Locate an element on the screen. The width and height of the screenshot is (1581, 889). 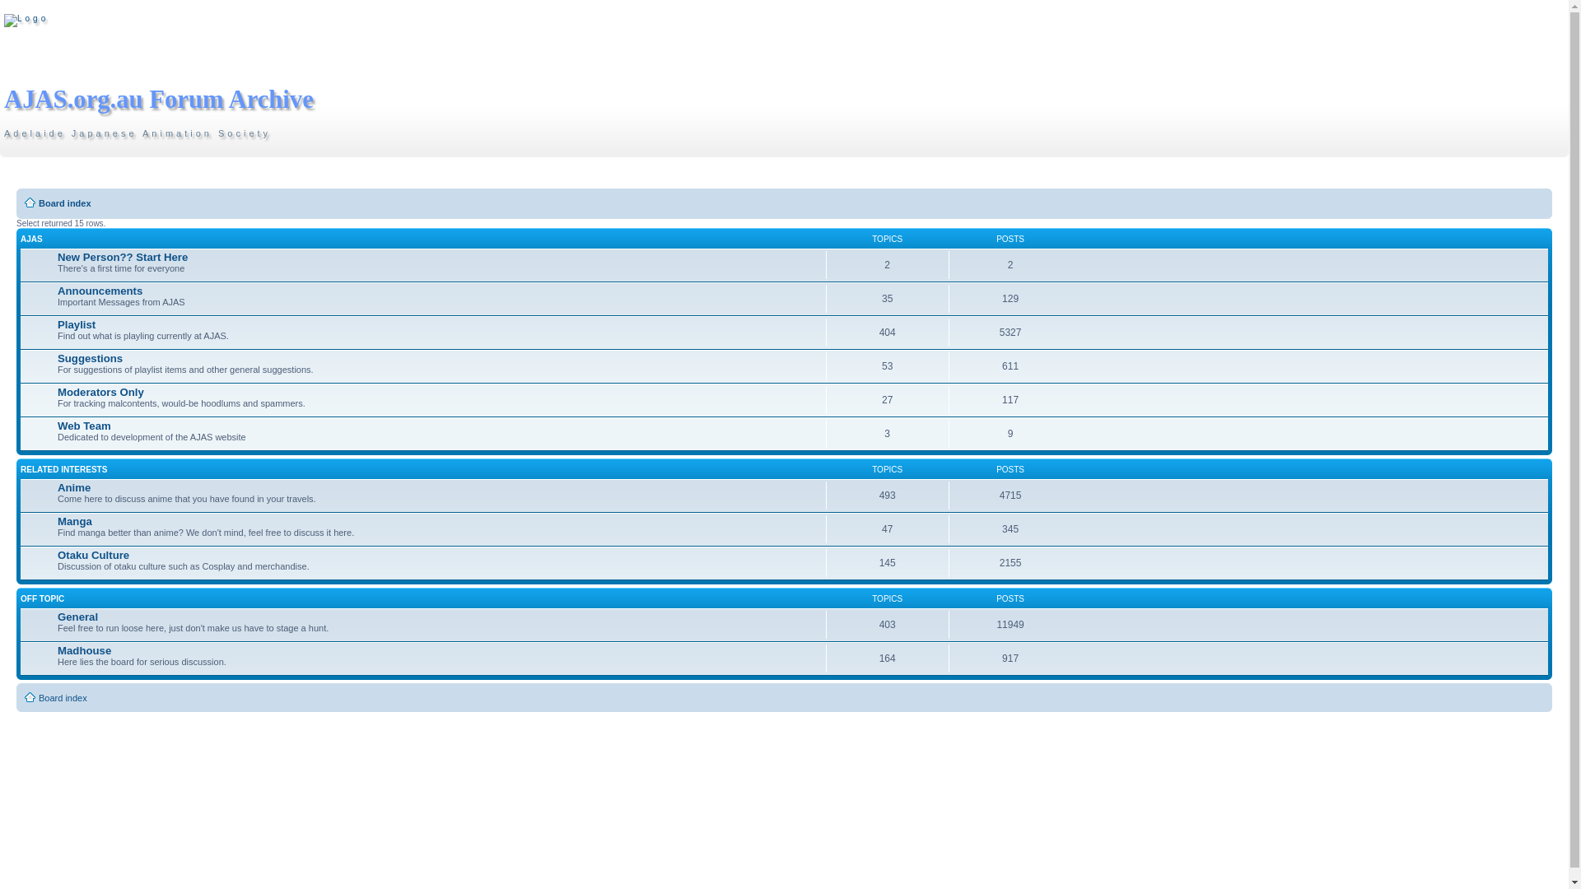
'Web Team' is located at coordinates (83, 425).